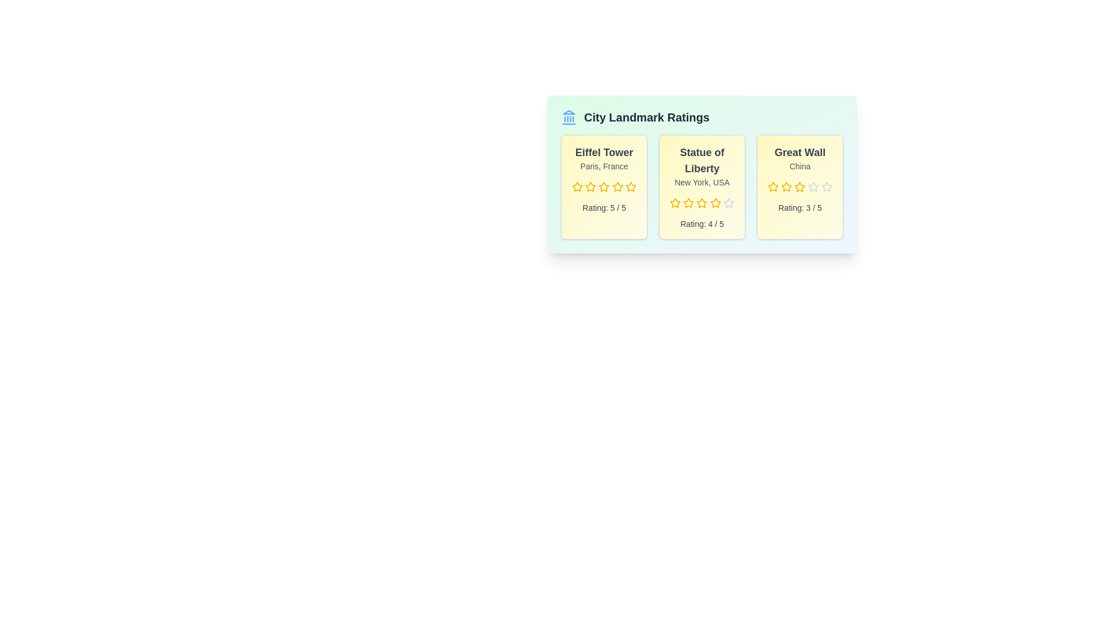 The height and width of the screenshot is (622, 1106). I want to click on the header of the component to interact with it, so click(702, 117).